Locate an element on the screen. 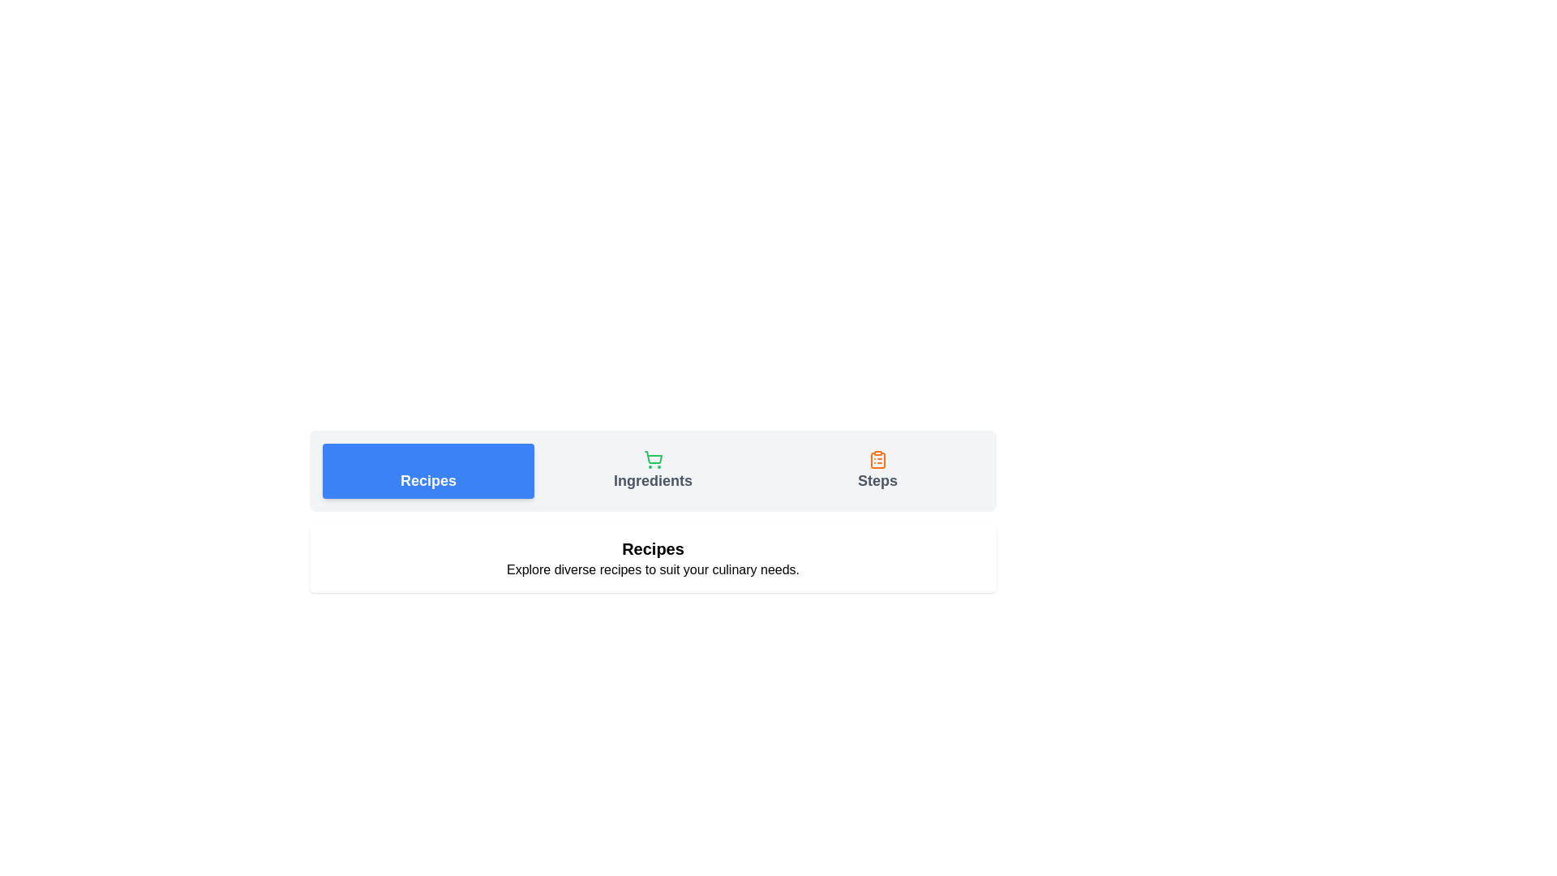 This screenshot has width=1557, height=876. the Recipes tab is located at coordinates (428, 471).